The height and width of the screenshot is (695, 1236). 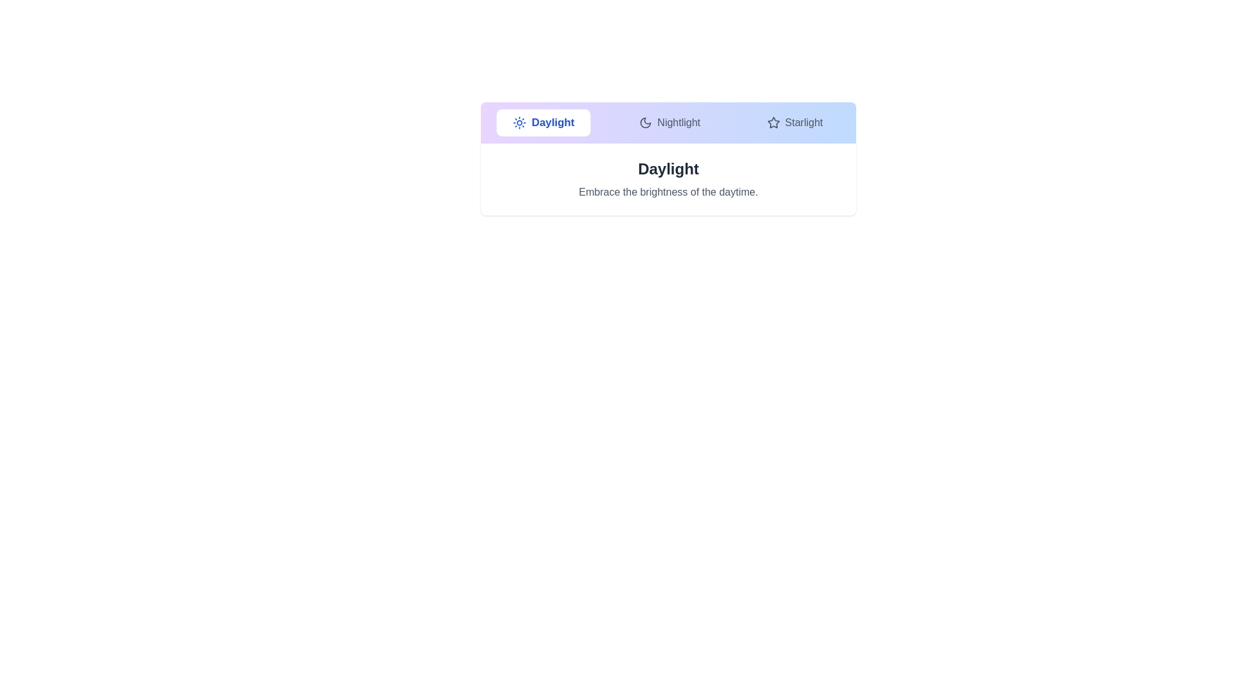 What do you see at coordinates (669, 123) in the screenshot?
I see `the tab labeled Nightlight` at bounding box center [669, 123].